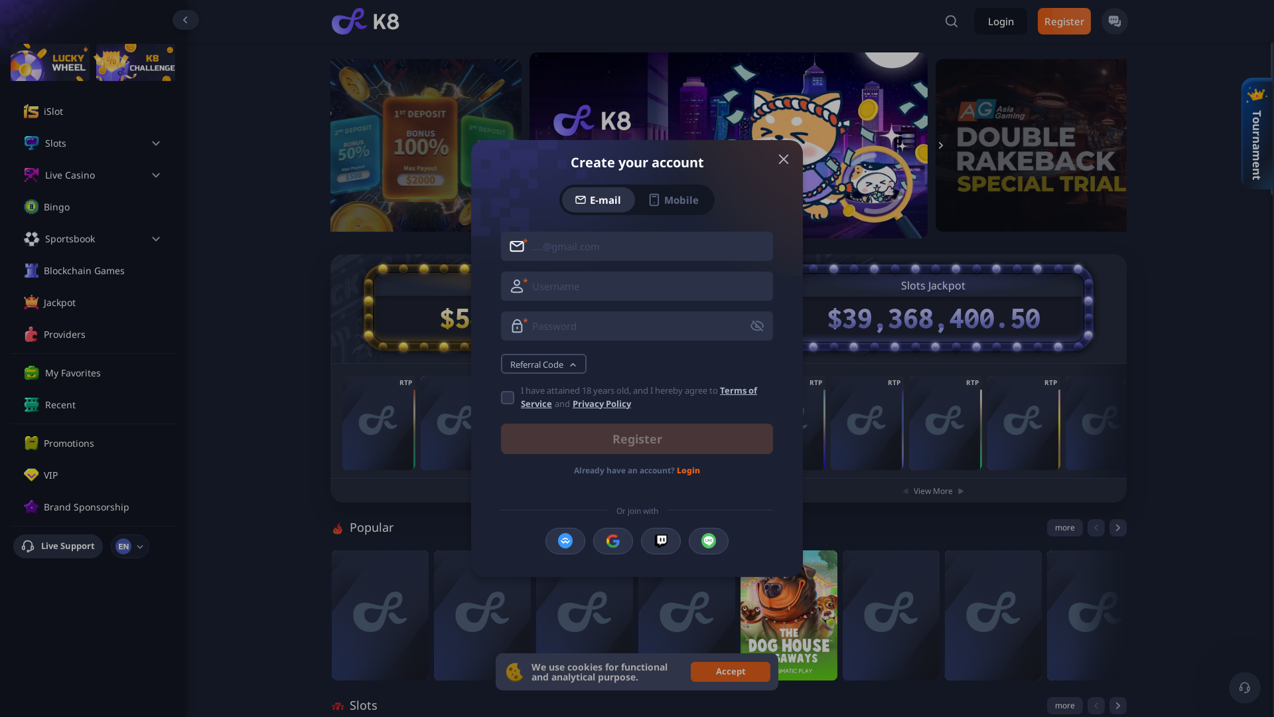 The width and height of the screenshot is (1274, 717). I want to click on 'Providers', so click(102, 334).